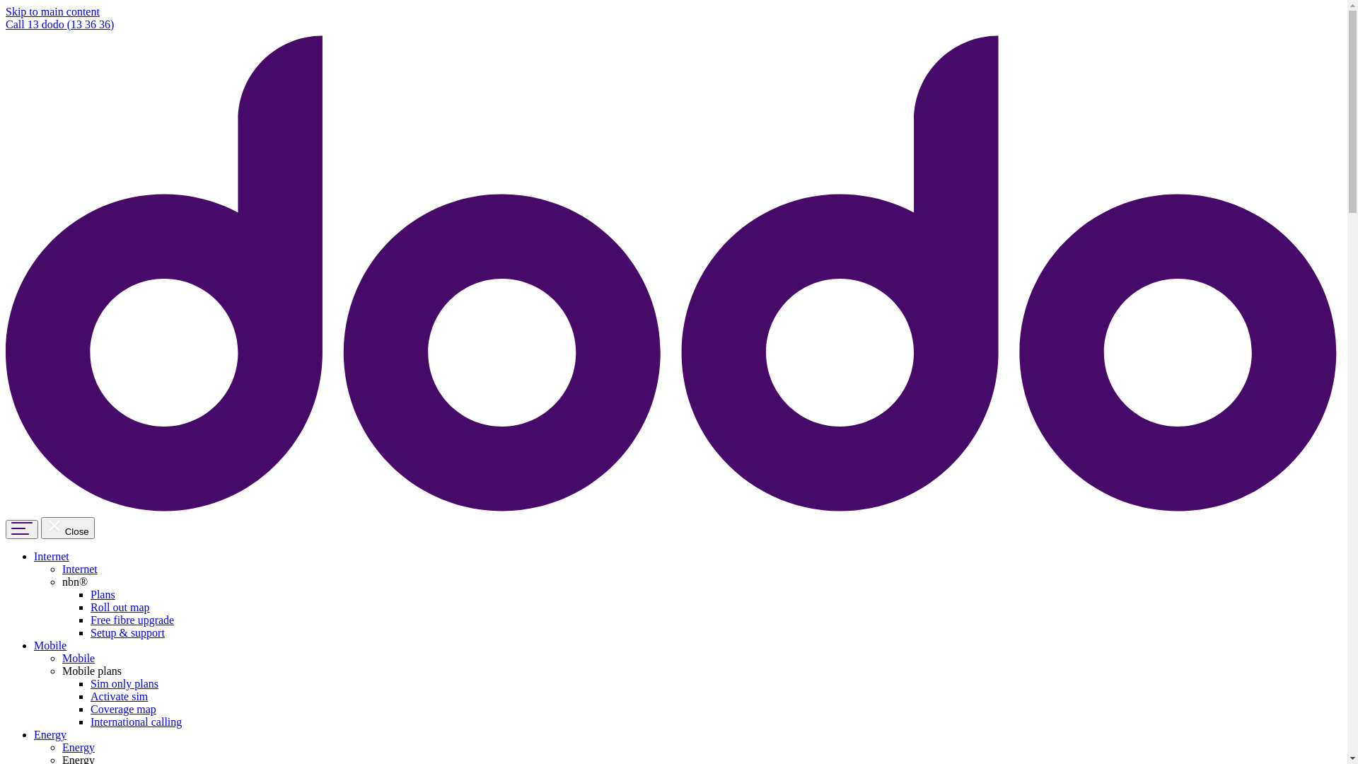 The image size is (1358, 764). I want to click on 'Roll out map', so click(120, 606).